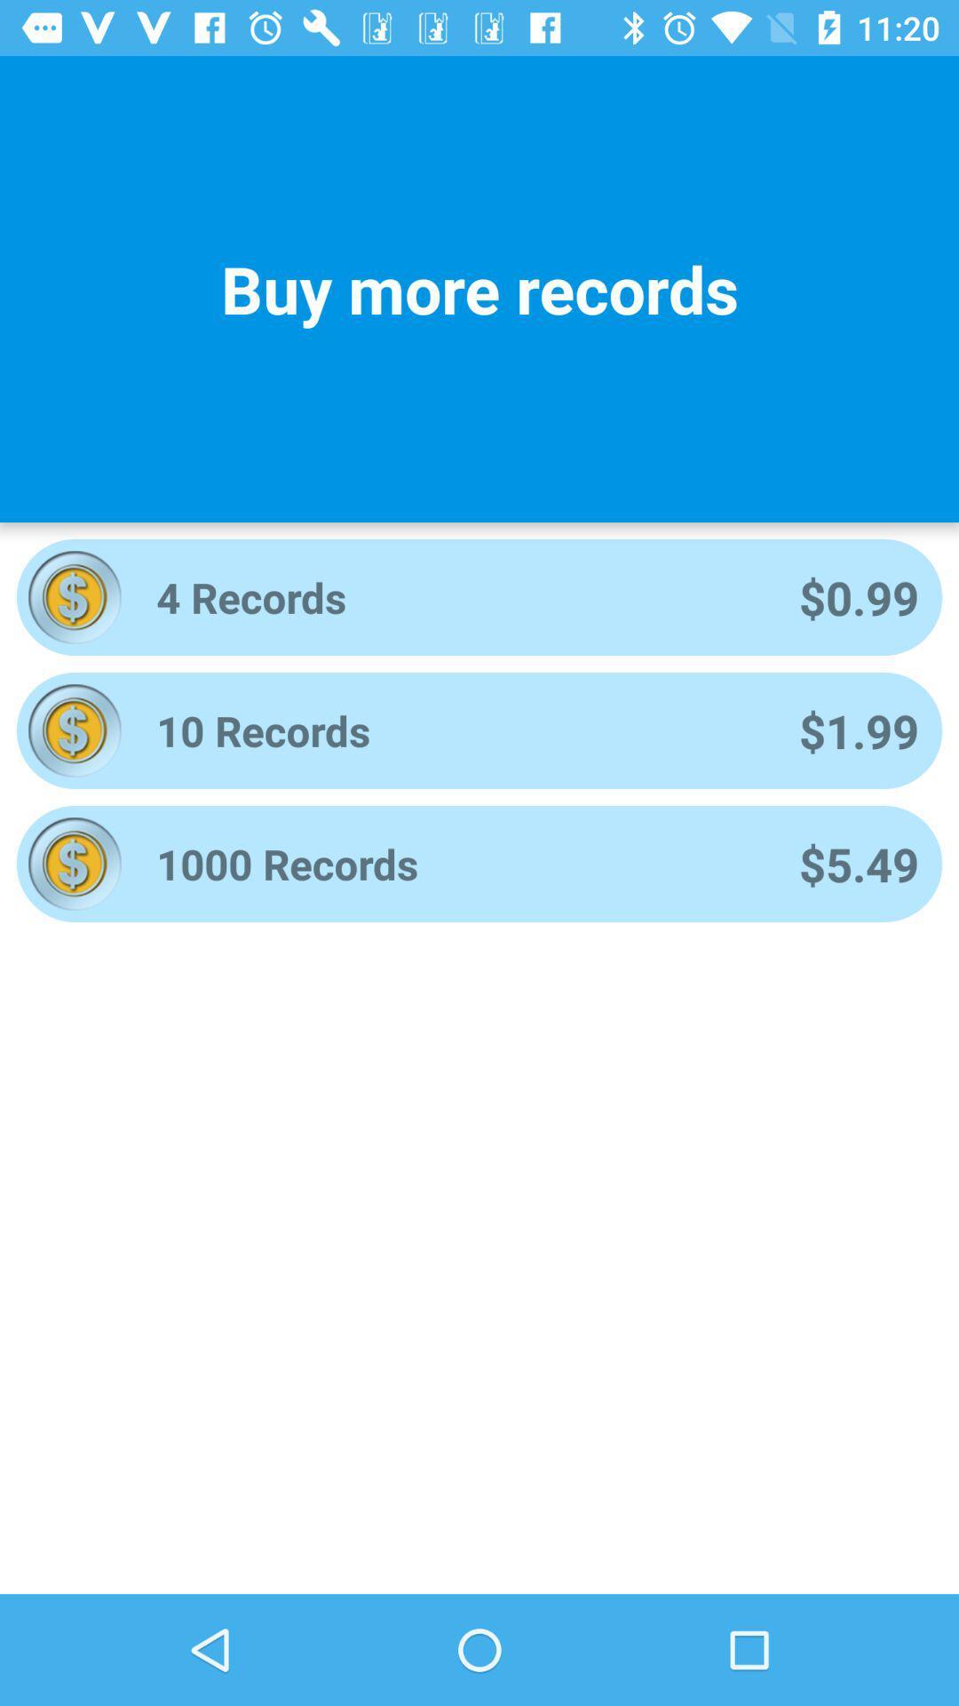 This screenshot has width=959, height=1706. Describe the element at coordinates (453, 597) in the screenshot. I see `the 4 records app` at that location.